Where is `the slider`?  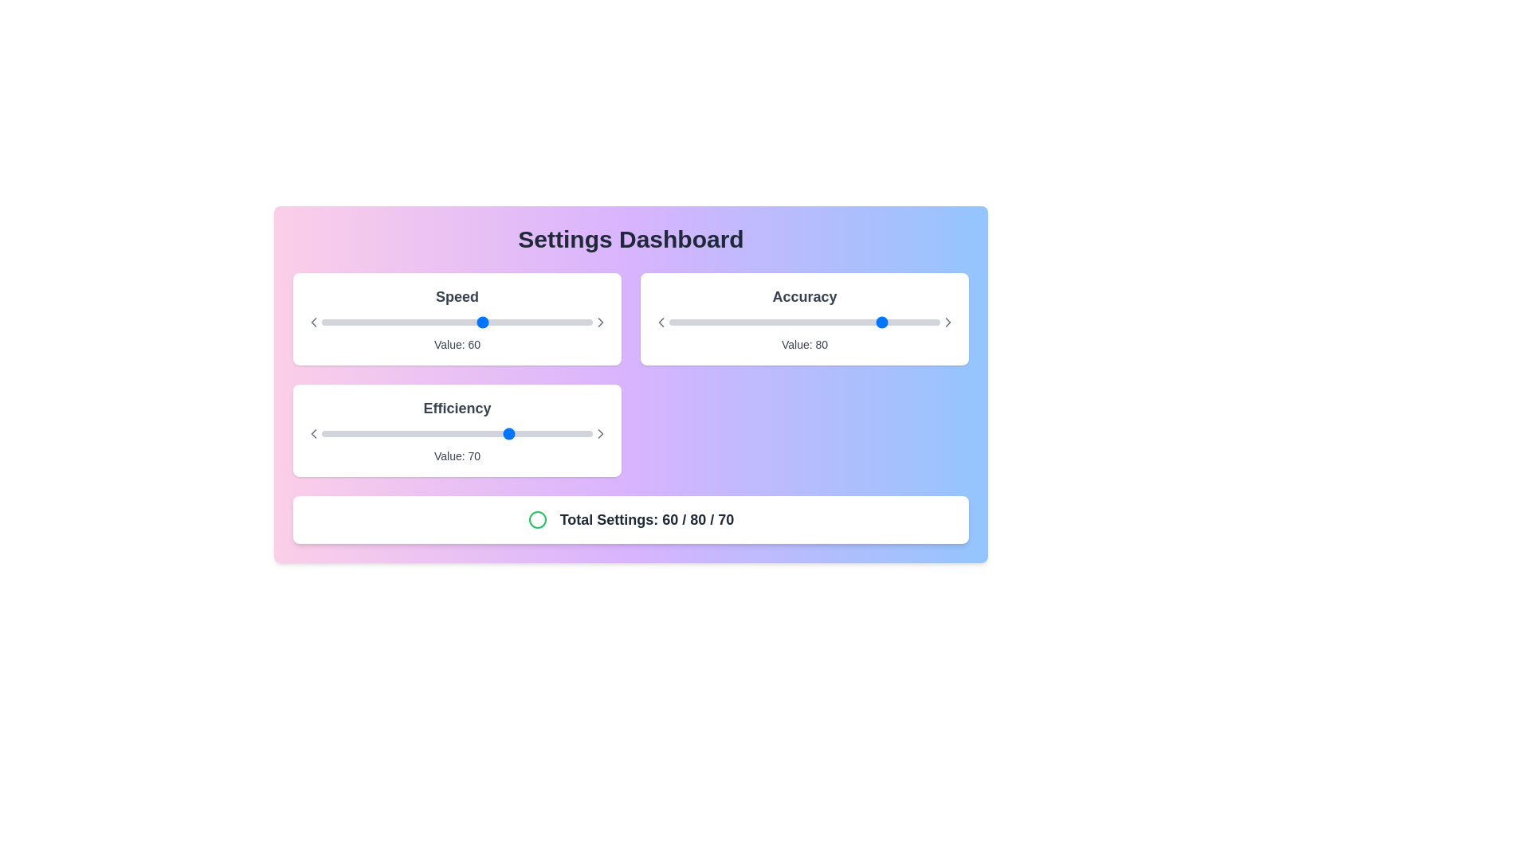 the slider is located at coordinates (359, 322).